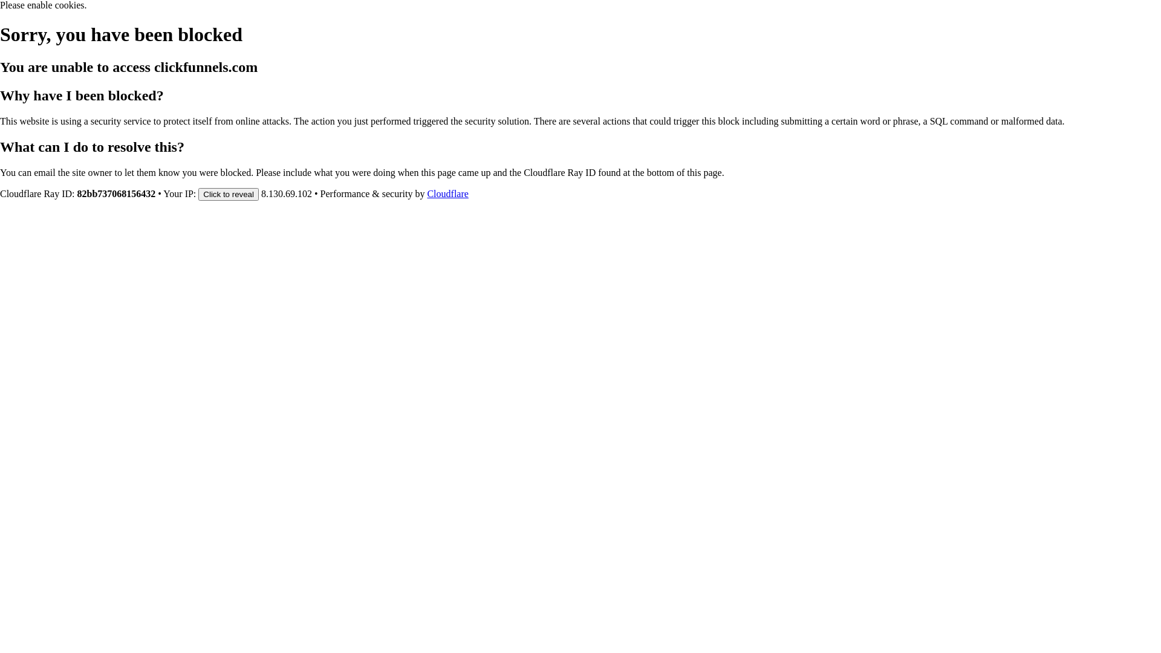 The width and height of the screenshot is (1161, 653). Describe the element at coordinates (426, 193) in the screenshot. I see `'Cloudflare'` at that location.